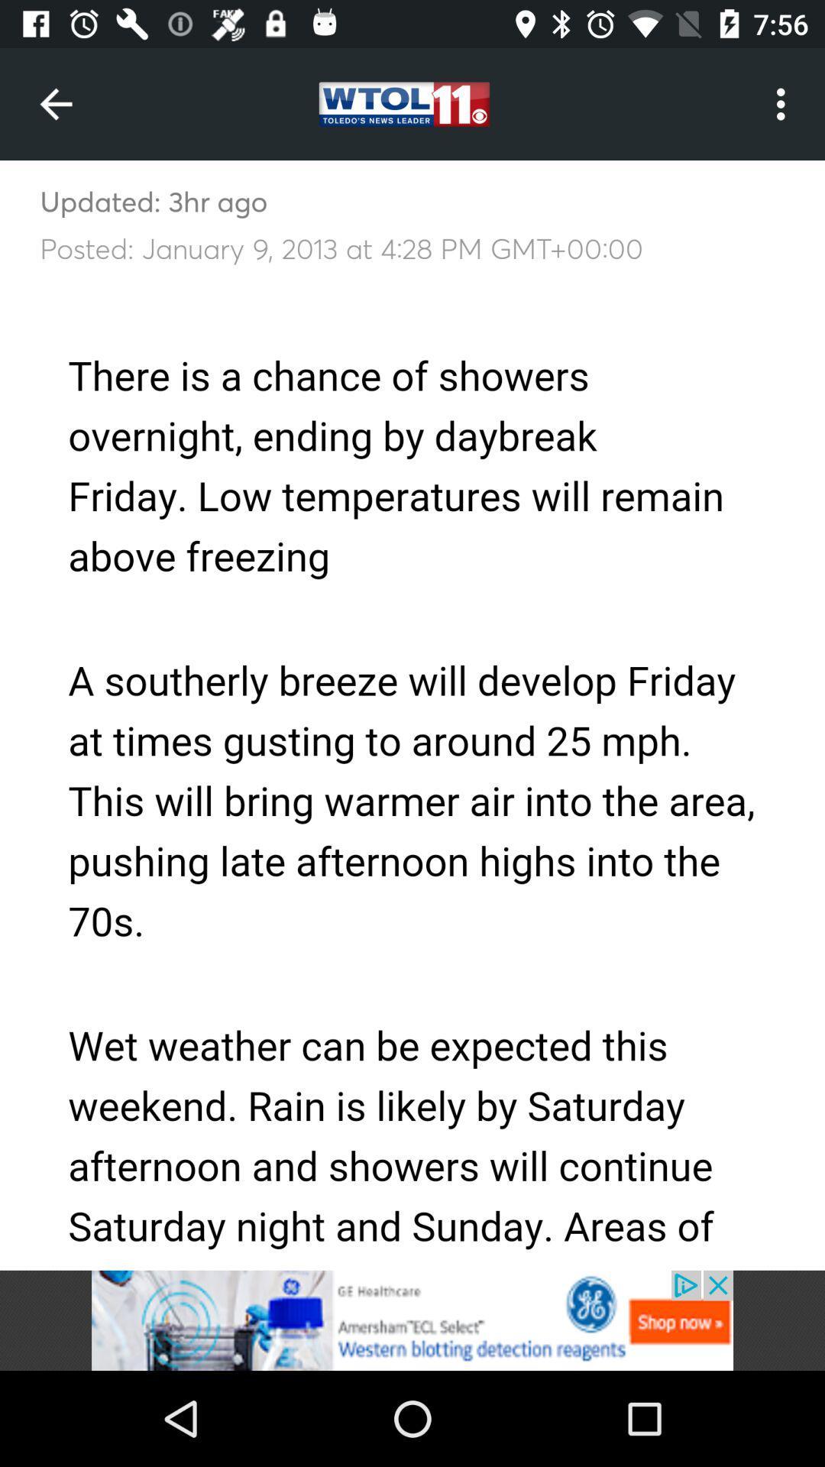  I want to click on advertisement page, so click(412, 1320).